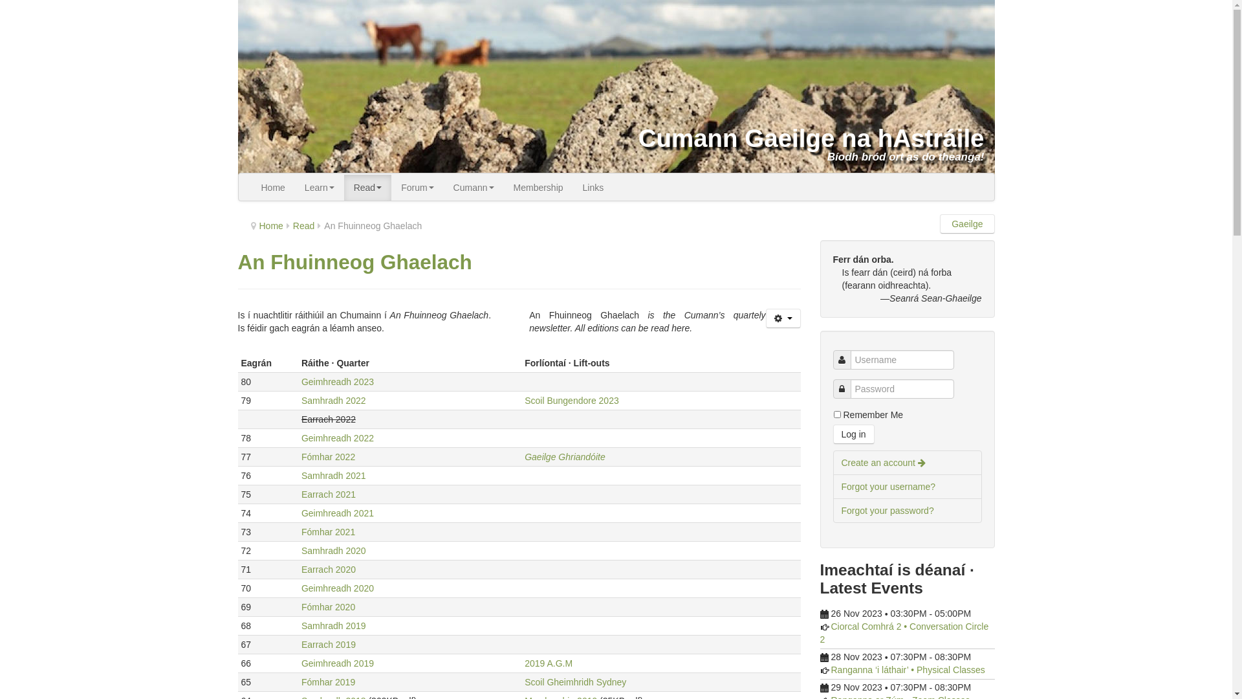  What do you see at coordinates (329, 494) in the screenshot?
I see `'Earrach 2021'` at bounding box center [329, 494].